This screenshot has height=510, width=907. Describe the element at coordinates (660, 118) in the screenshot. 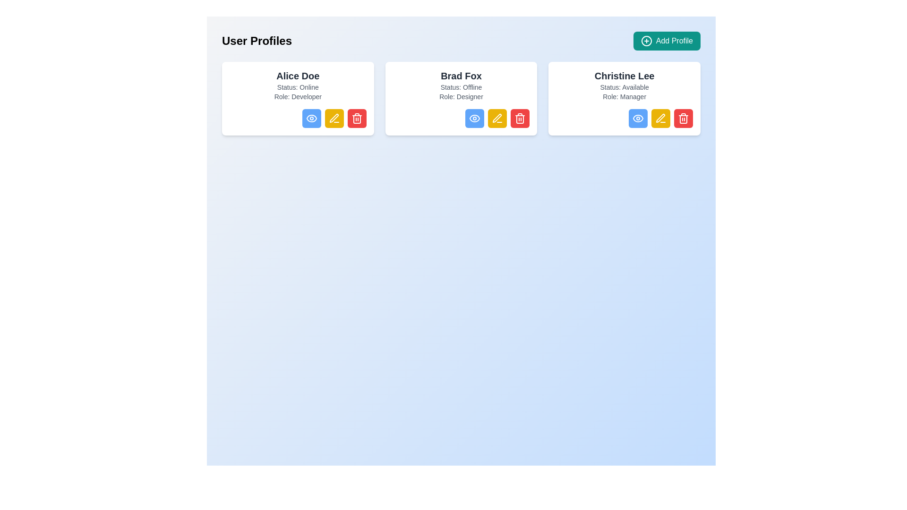

I see `the edit button represented by a yellow pen icon located in the User Profiles section for 'Christine Lee'` at that location.